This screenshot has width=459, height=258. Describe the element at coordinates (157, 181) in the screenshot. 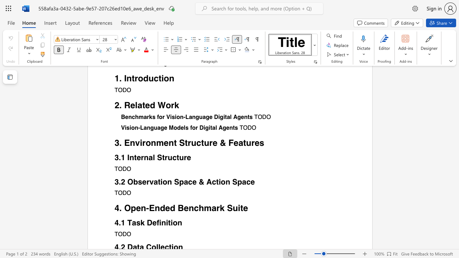

I see `the subset text "tion Spac" within the text "3.2 Observation Space & Action Space"` at that location.